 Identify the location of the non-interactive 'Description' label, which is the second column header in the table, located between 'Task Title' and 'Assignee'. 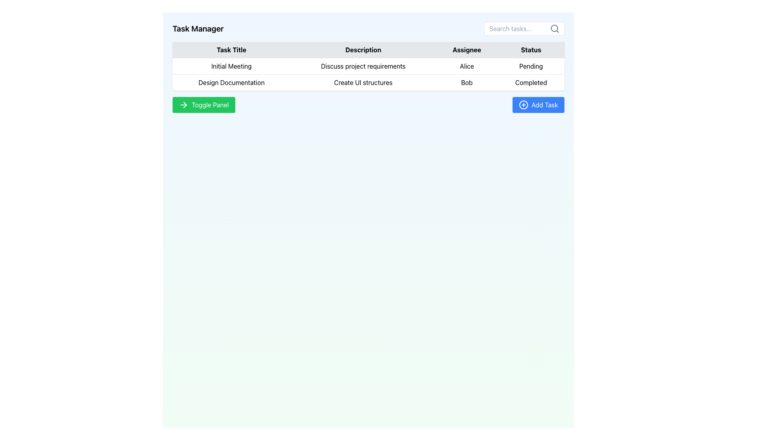
(363, 50).